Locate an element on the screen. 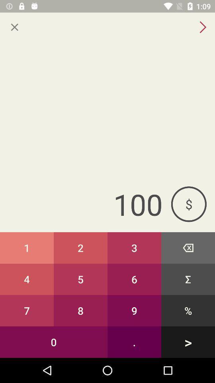  the item to the left of the 9 is located at coordinates (54, 342).